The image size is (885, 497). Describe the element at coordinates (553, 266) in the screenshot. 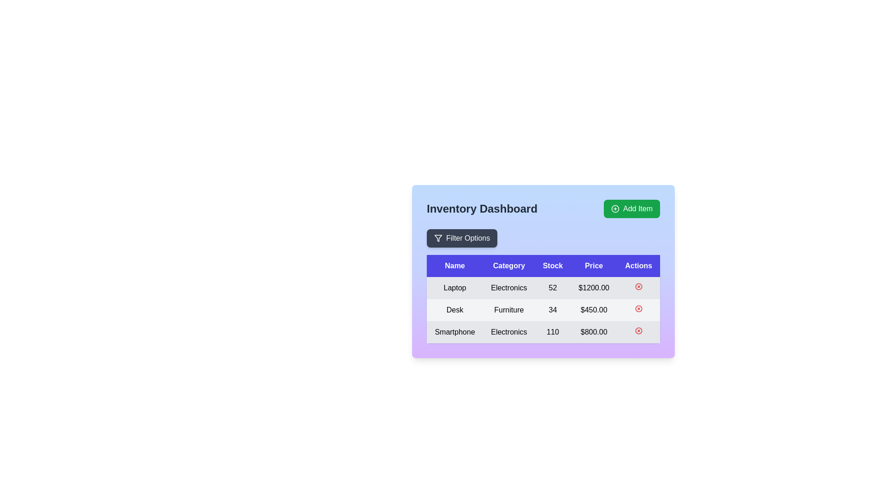

I see `the 'Stock' column label in the table headers, which is the third item from the left, positioned between 'Category' and 'Price'` at that location.